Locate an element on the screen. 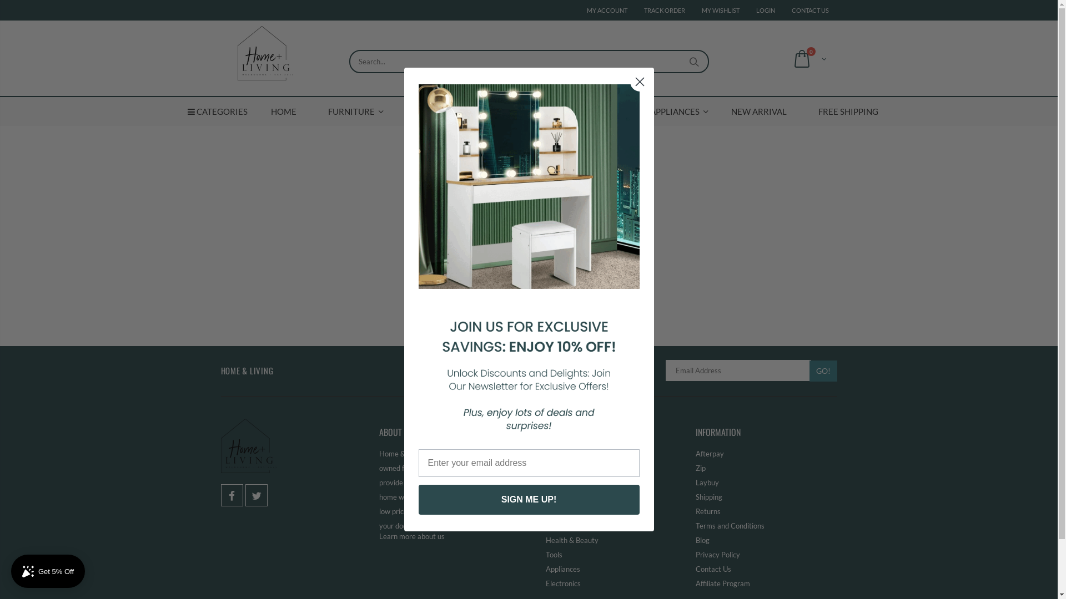 The height and width of the screenshot is (599, 1066). 'LOGIN' is located at coordinates (765, 10).